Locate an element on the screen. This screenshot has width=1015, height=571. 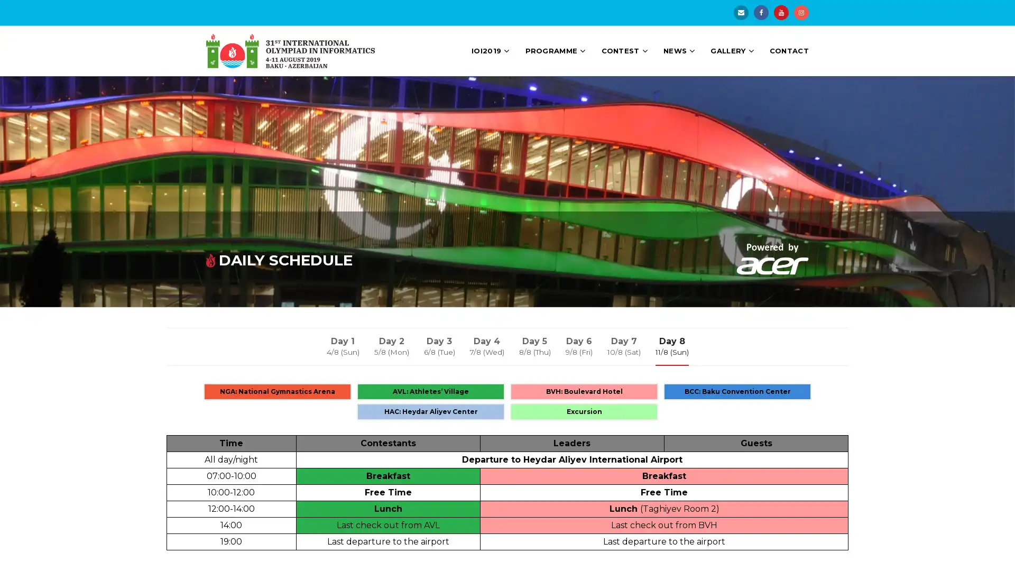
BVH: Boulevard Hotel is located at coordinates (583, 391).